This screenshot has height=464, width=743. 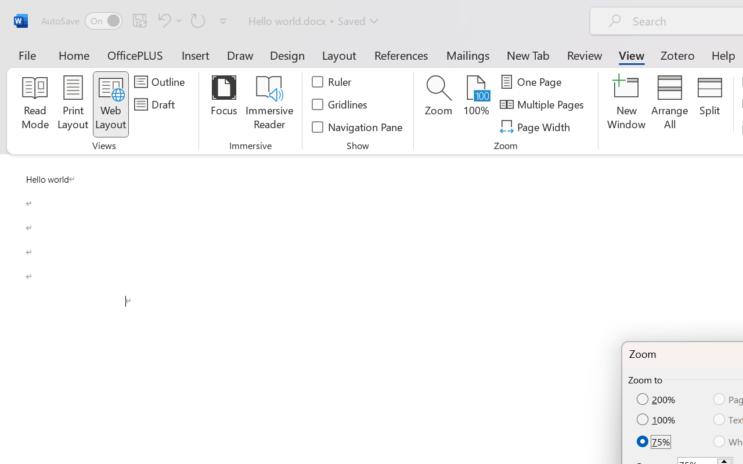 I want to click on 'Web Layout', so click(x=110, y=104).